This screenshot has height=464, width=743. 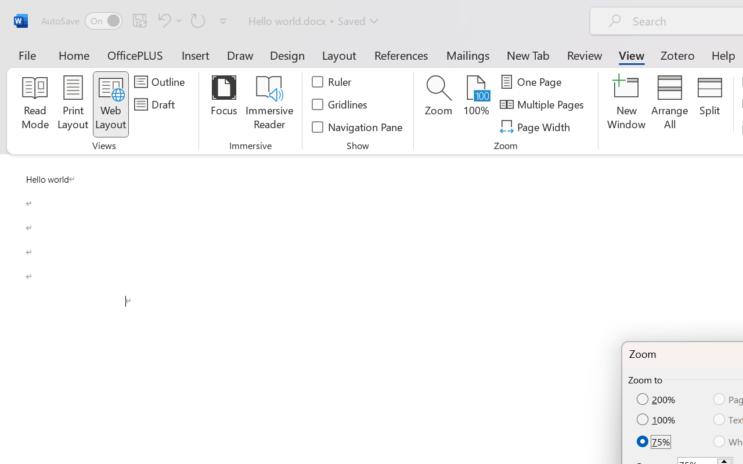 I want to click on 'Web Layout', so click(x=110, y=104).